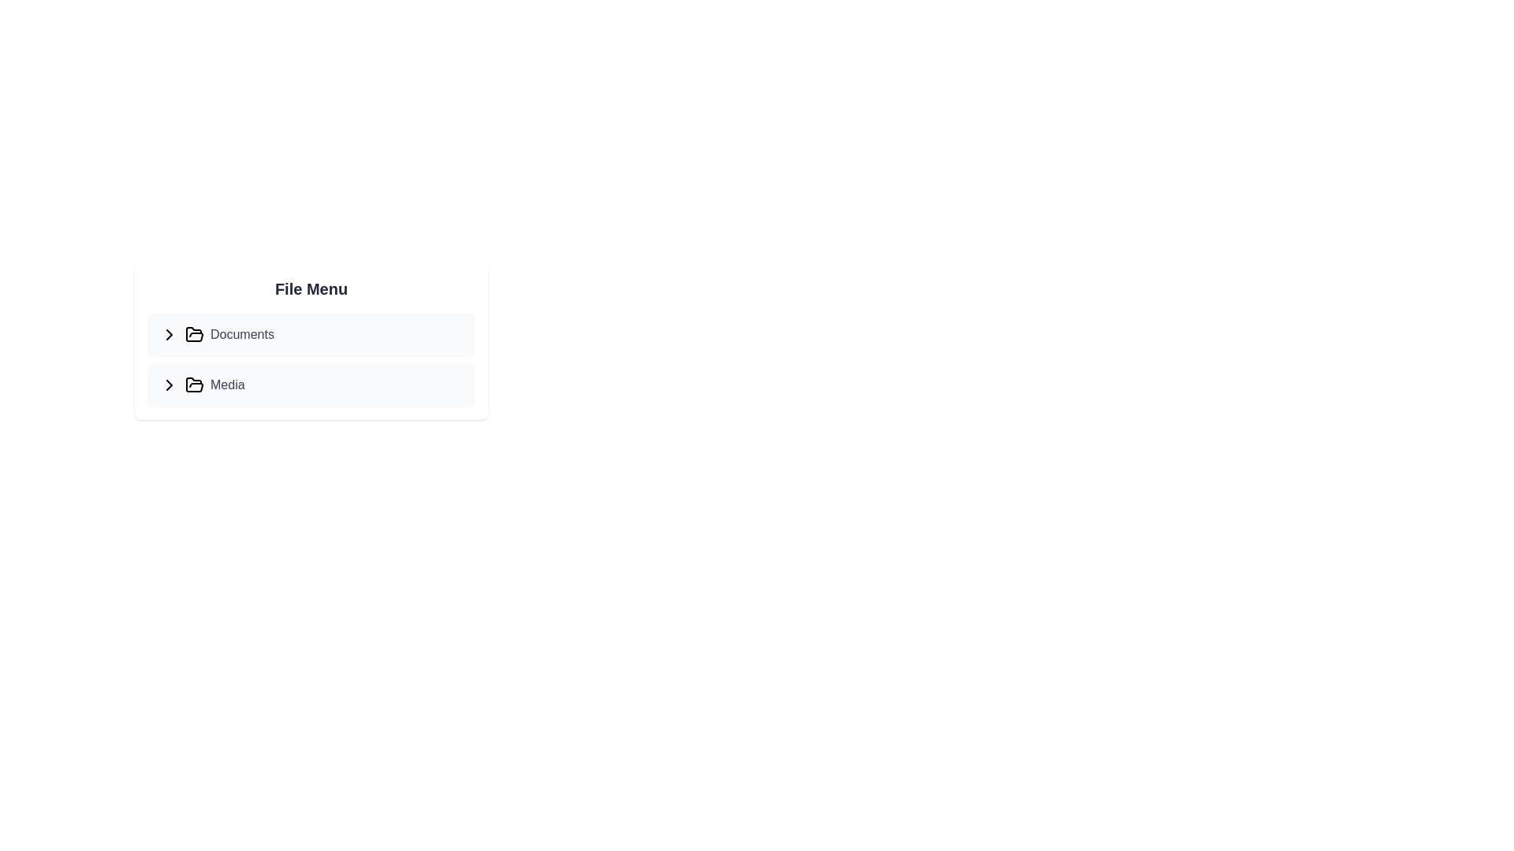 The height and width of the screenshot is (851, 1514). Describe the element at coordinates (193, 385) in the screenshot. I see `the folder icon located to the left of the 'Documents' text` at that location.